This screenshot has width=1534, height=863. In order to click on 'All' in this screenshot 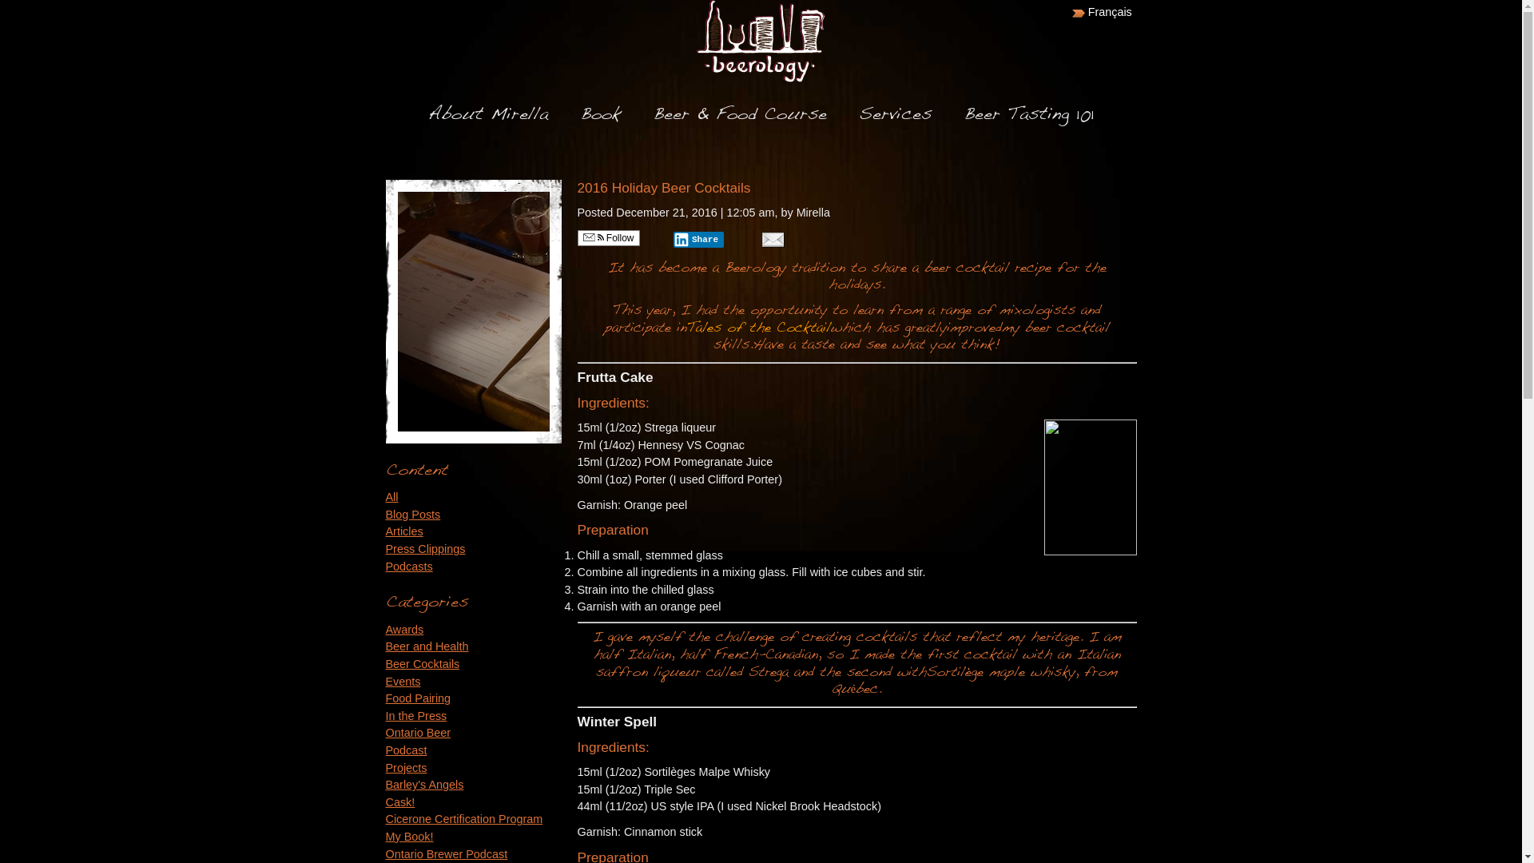, I will do `click(391, 495)`.